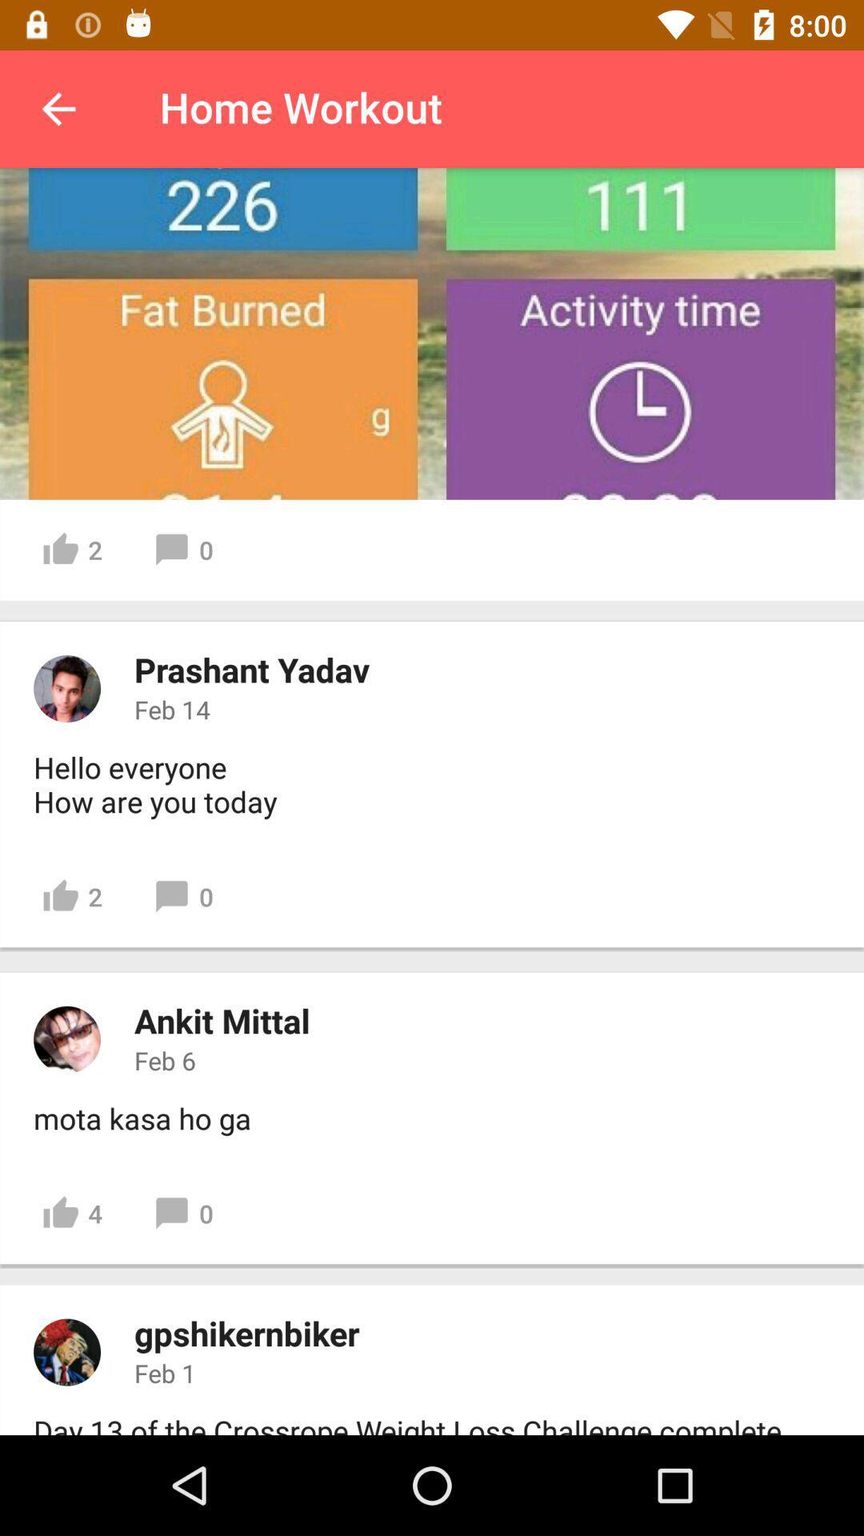  What do you see at coordinates (246, 1333) in the screenshot?
I see `icon above feb 1` at bounding box center [246, 1333].